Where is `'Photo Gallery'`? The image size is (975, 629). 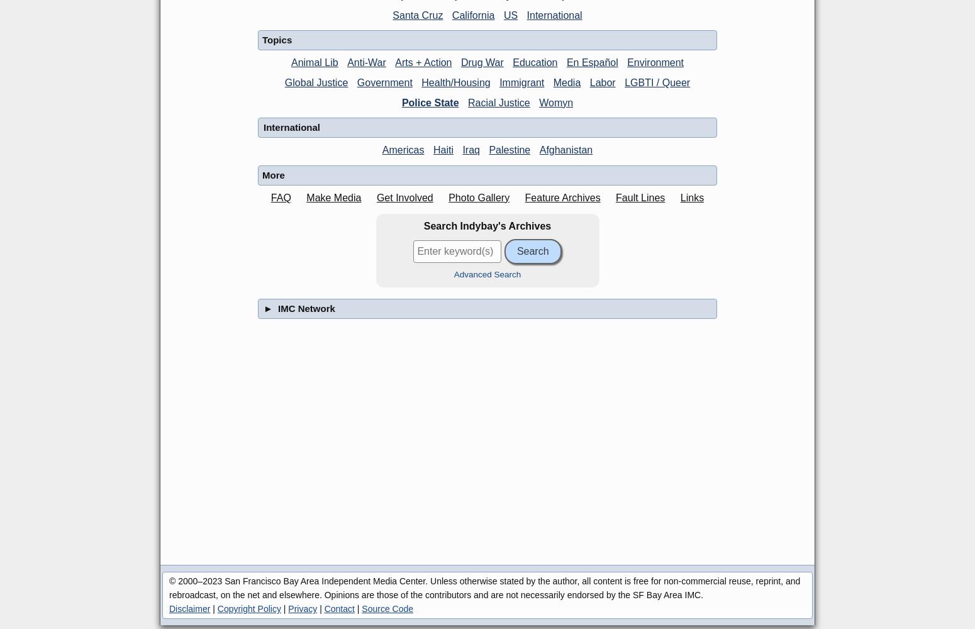
'Photo Gallery' is located at coordinates (479, 196).